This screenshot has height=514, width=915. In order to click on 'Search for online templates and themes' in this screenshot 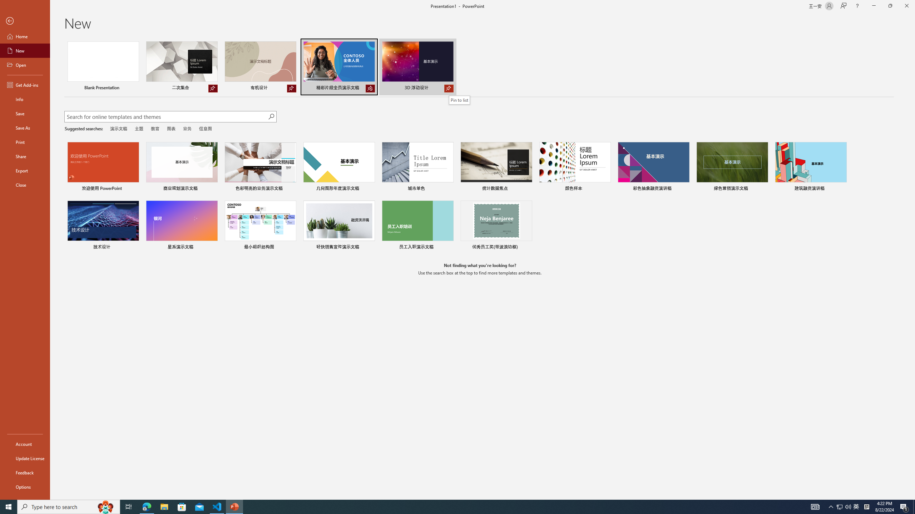, I will do `click(166, 117)`.